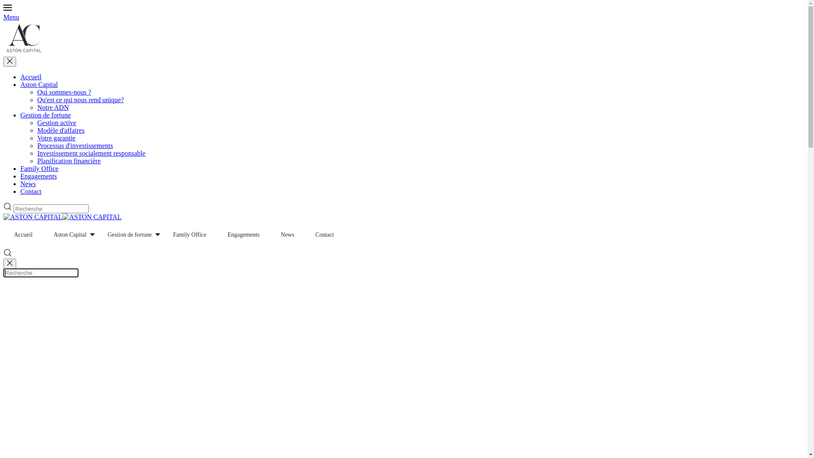 Image resolution: width=814 pixels, height=458 pixels. Describe the element at coordinates (64, 92) in the screenshot. I see `'Qui sommes-nous ?'` at that location.